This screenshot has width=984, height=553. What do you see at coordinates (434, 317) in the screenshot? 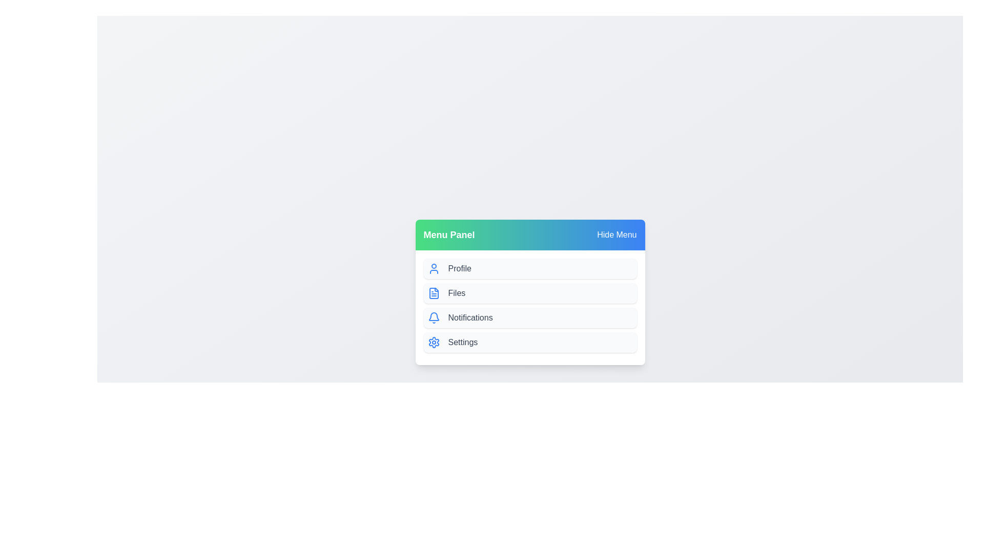
I see `the icon next to the menu item Notifications` at bounding box center [434, 317].